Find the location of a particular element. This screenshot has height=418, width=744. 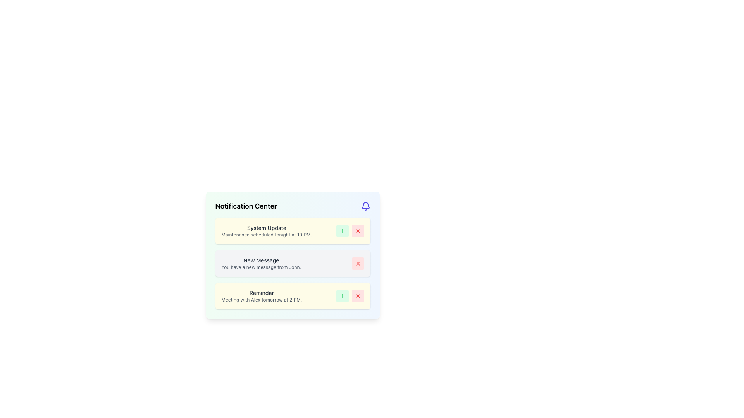

the 'Reminder' text label located at the top of the notification card is located at coordinates (262, 293).